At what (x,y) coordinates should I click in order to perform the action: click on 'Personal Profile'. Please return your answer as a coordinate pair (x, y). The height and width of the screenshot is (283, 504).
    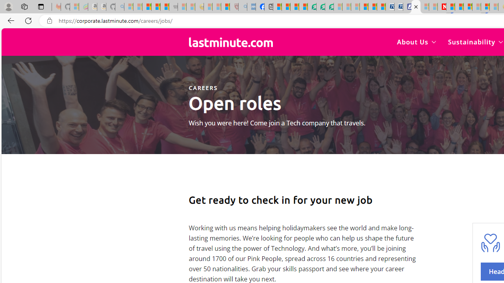
    Looking at the image, I should click on (8, 6).